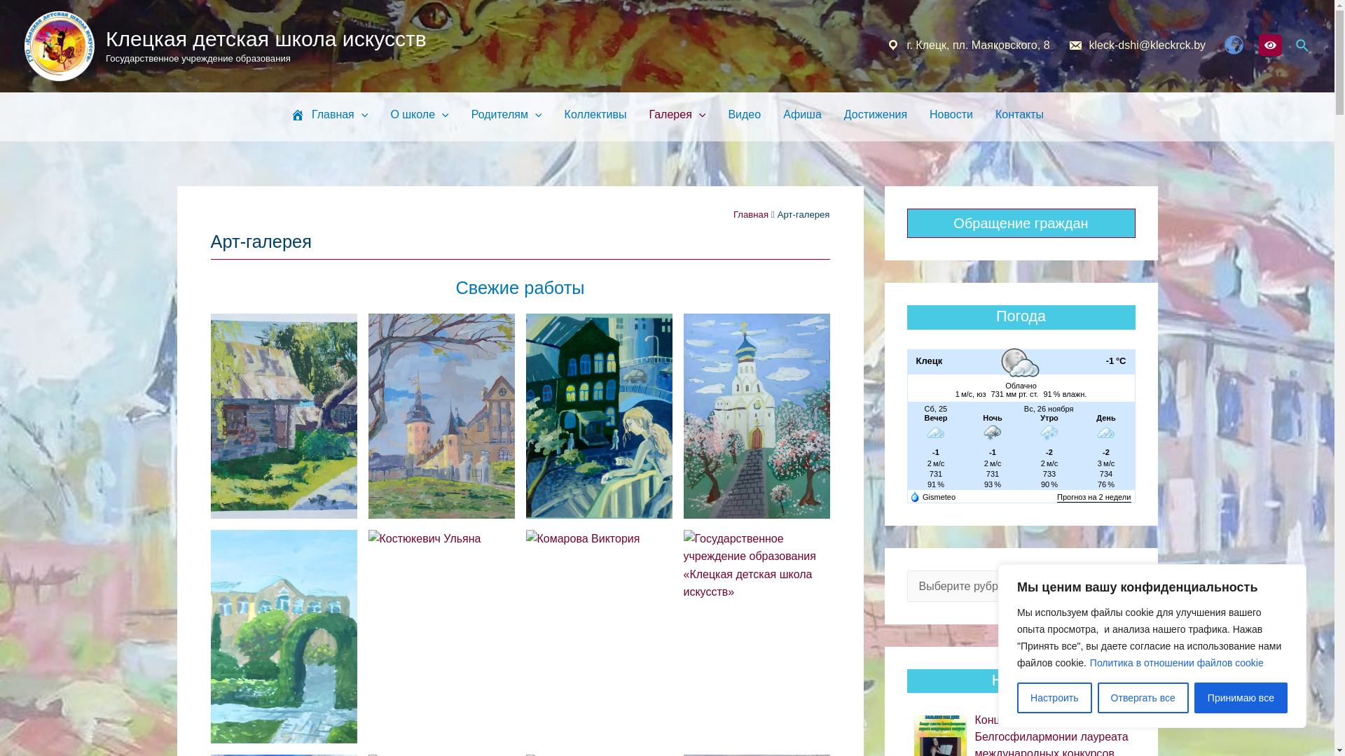 This screenshot has width=1345, height=756. Describe the element at coordinates (1135, 45) in the screenshot. I see `'kleck-dshi@kleckrck.by'` at that location.